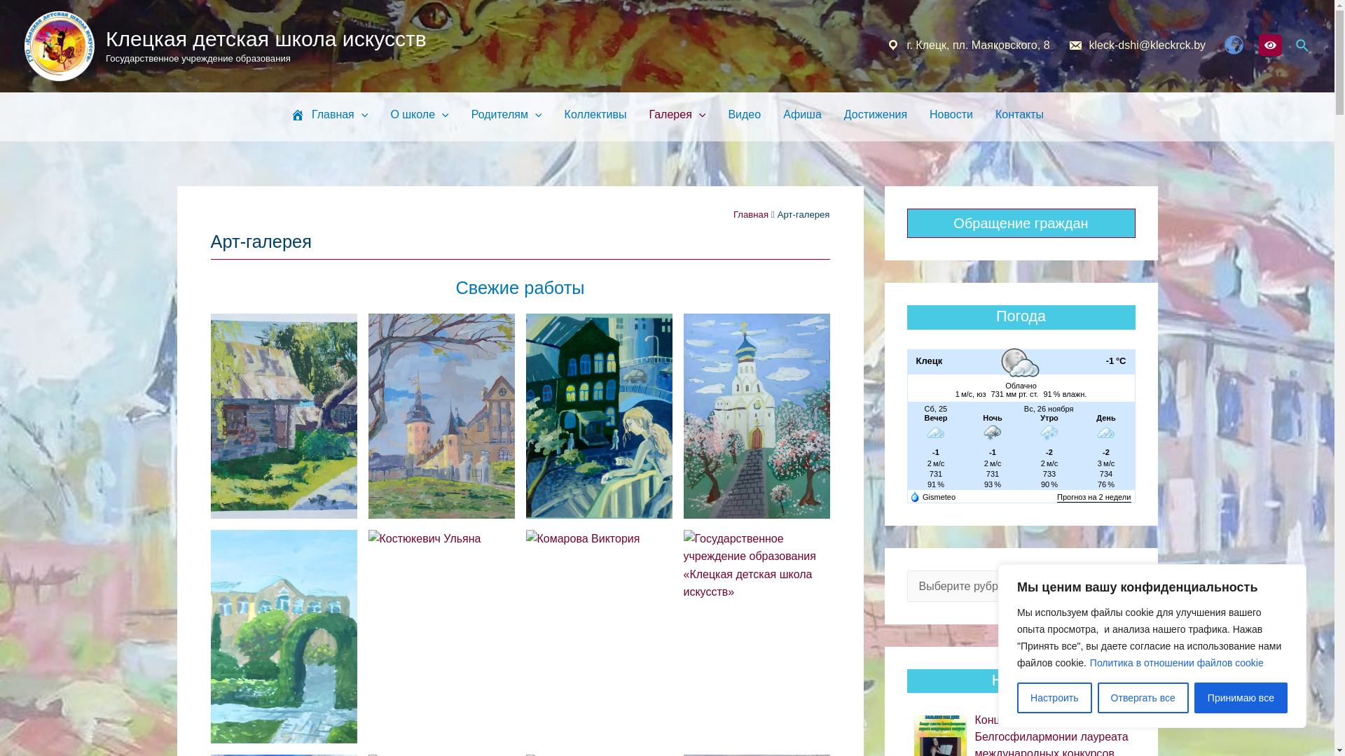 This screenshot has width=1345, height=756. Describe the element at coordinates (1135, 45) in the screenshot. I see `'kleck-dshi@kleckrck.by'` at that location.